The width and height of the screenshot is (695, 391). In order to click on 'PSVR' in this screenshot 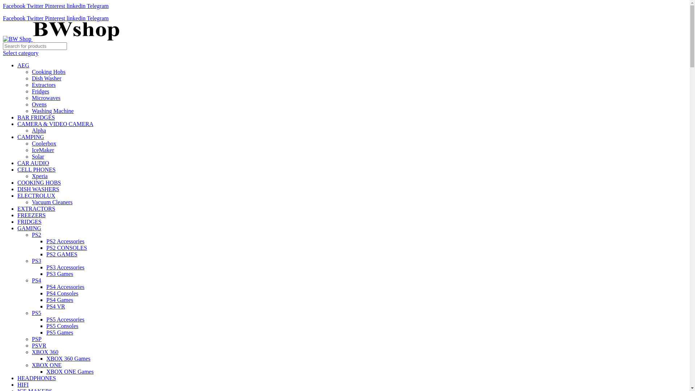, I will do `click(38, 345)`.